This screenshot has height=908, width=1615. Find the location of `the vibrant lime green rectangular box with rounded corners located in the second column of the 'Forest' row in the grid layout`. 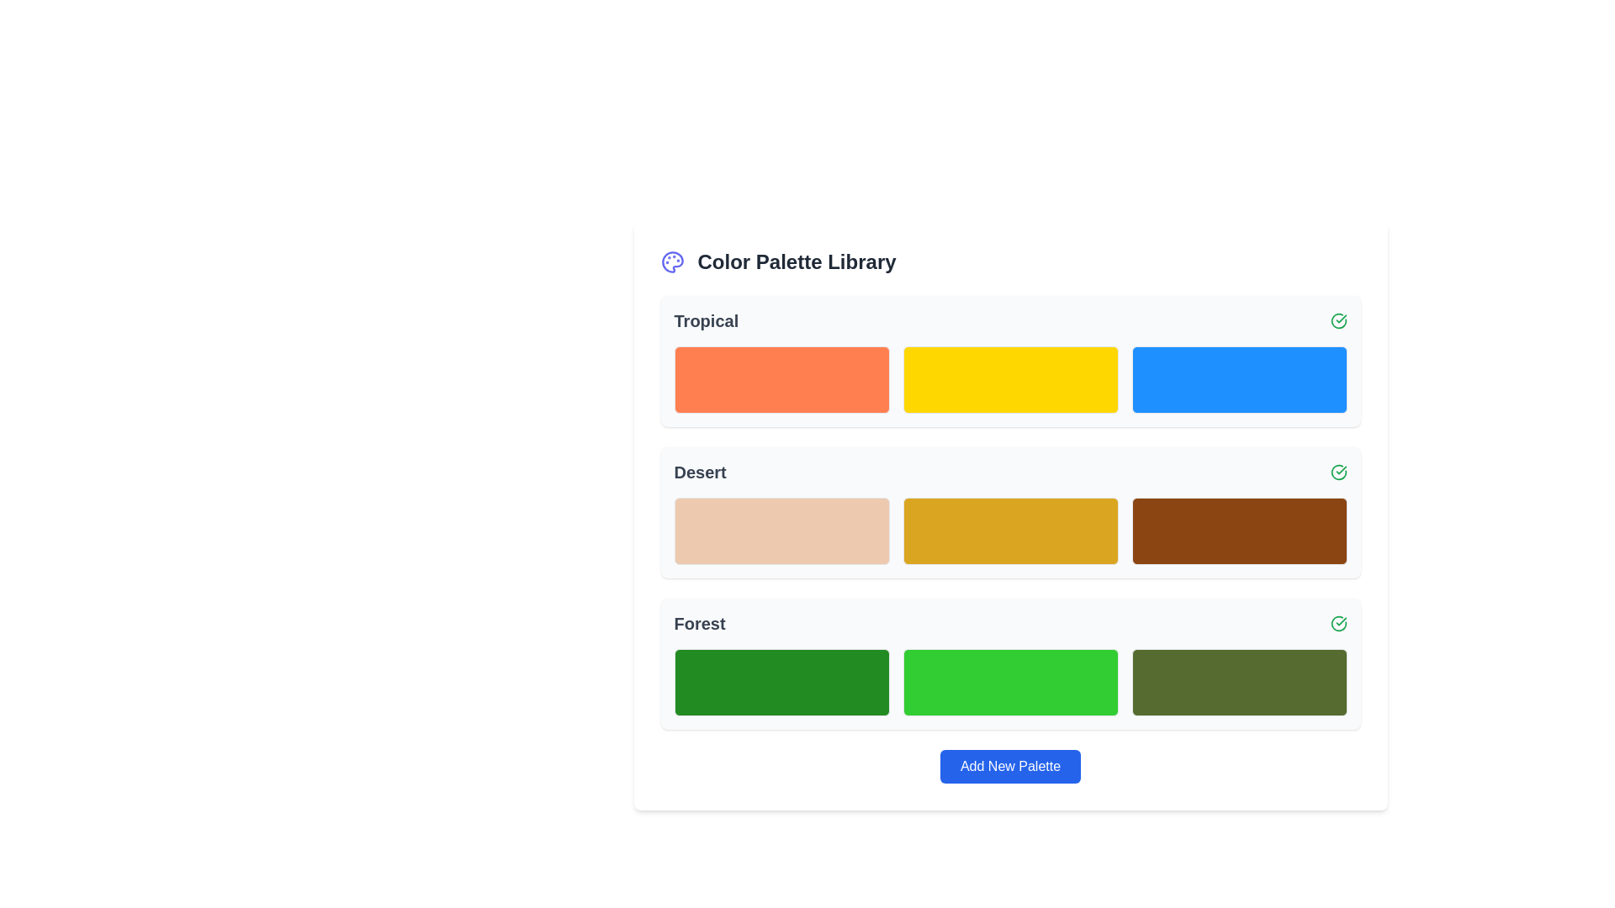

the vibrant lime green rectangular box with rounded corners located in the second column of the 'Forest' row in the grid layout is located at coordinates (1009, 683).